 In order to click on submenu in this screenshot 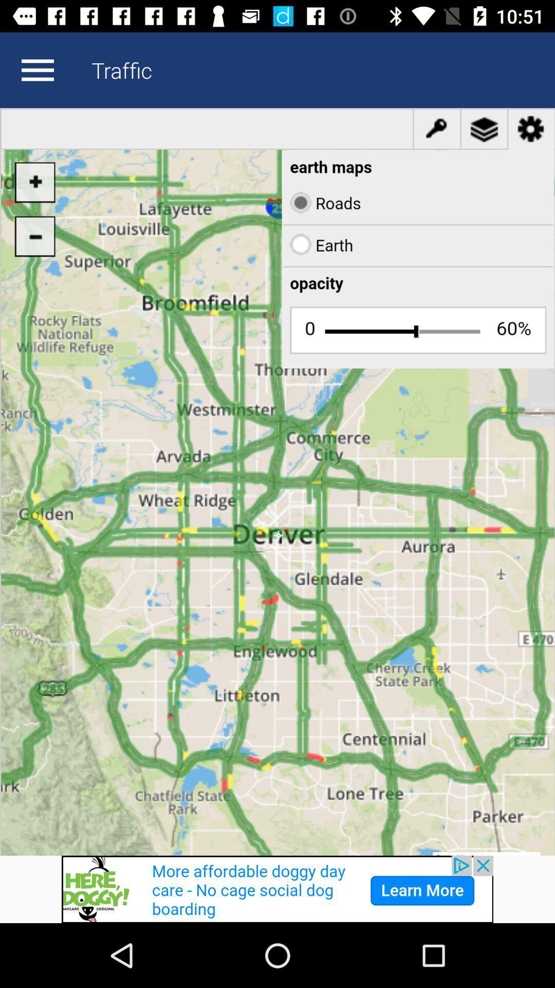, I will do `click(37, 69)`.